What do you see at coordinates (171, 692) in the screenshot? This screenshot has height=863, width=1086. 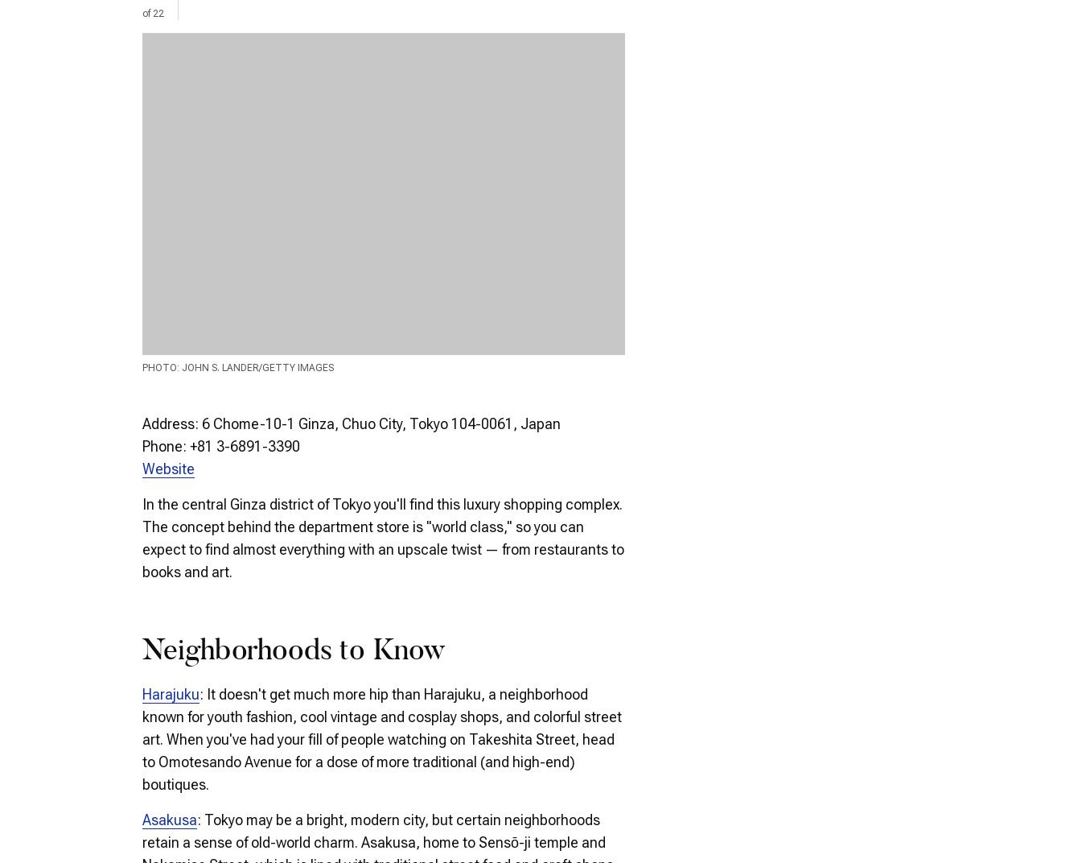 I see `'Harajuku'` at bounding box center [171, 692].